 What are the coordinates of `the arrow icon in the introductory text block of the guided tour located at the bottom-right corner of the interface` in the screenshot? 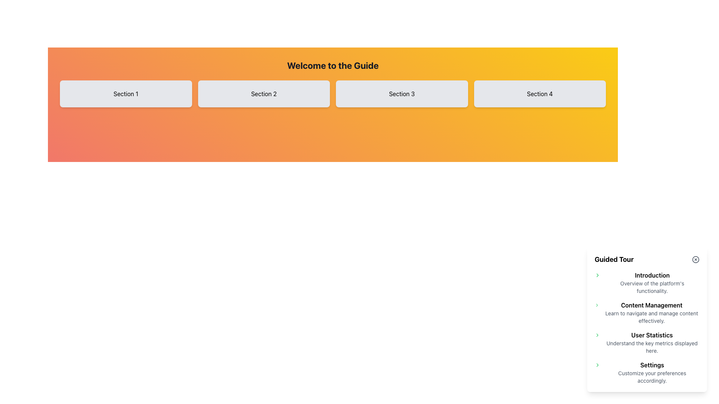 It's located at (647, 283).